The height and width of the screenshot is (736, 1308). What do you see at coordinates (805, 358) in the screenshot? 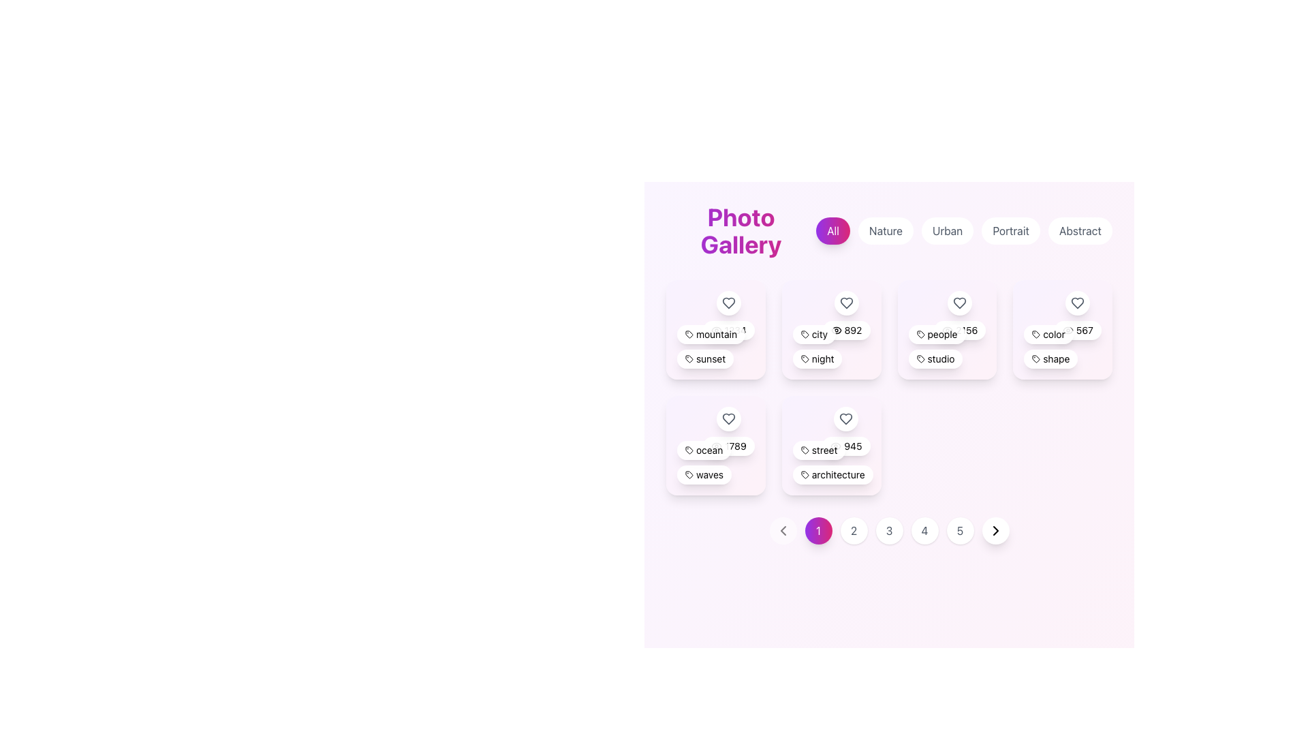
I see `the tag-shaped icon represented as an SVG graphic, located in the second column of the first row of the grid layout` at bounding box center [805, 358].